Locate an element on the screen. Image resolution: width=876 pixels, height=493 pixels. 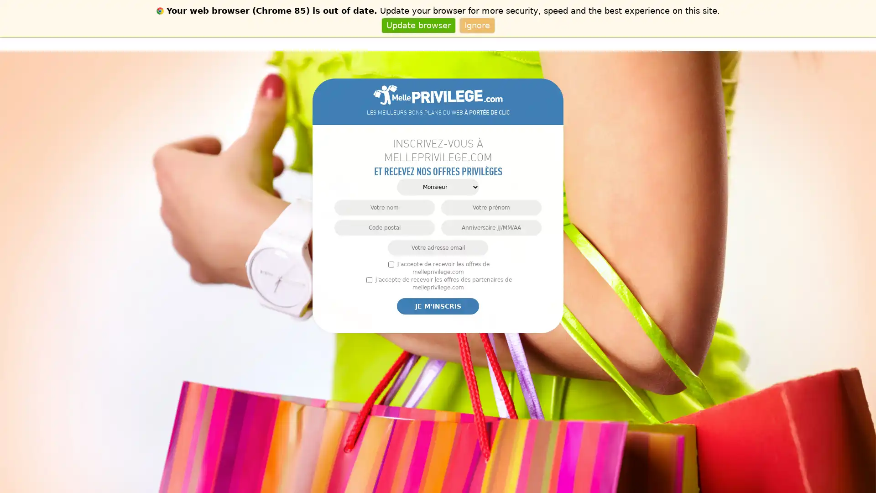
Je m'inscris is located at coordinates (438, 306).